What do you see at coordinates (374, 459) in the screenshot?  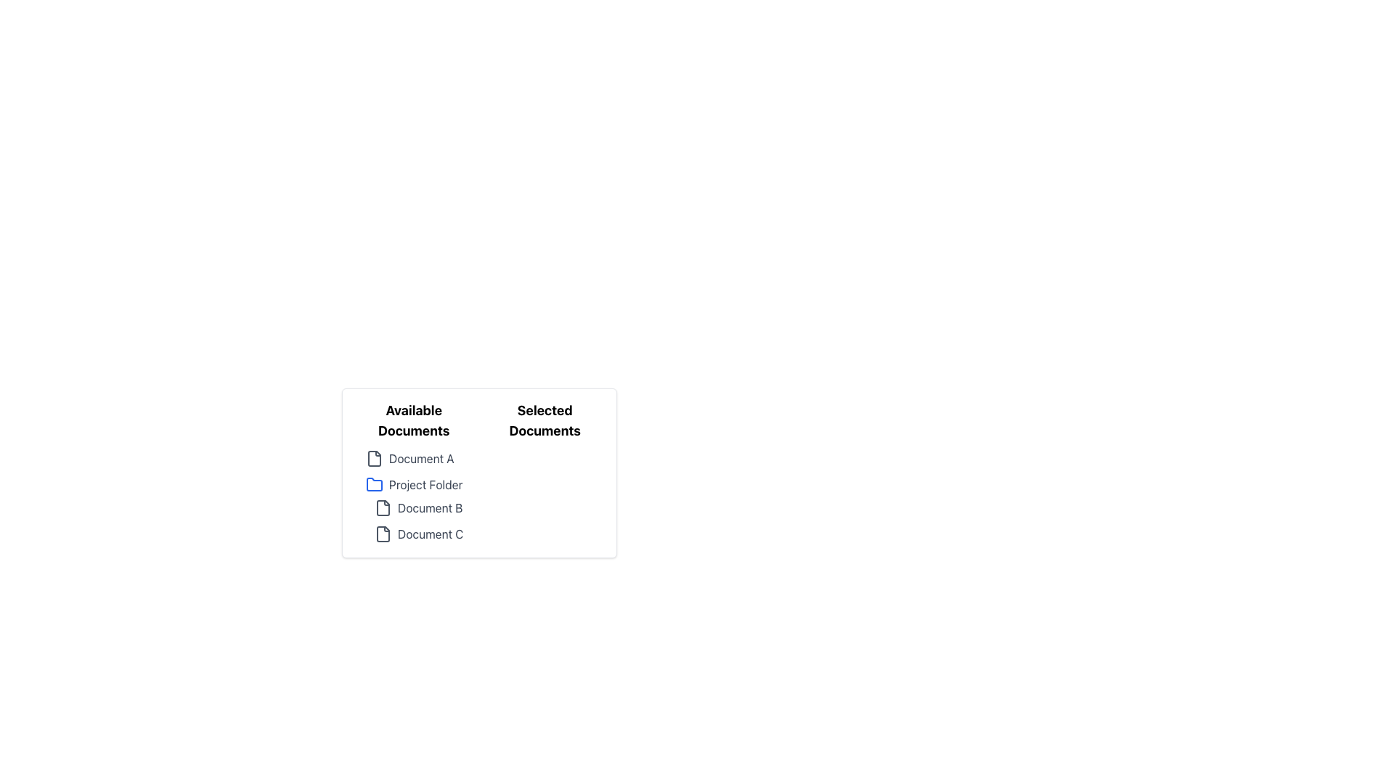 I see `the file icon representing 'Document A' in the 'Available Documents' column` at bounding box center [374, 459].